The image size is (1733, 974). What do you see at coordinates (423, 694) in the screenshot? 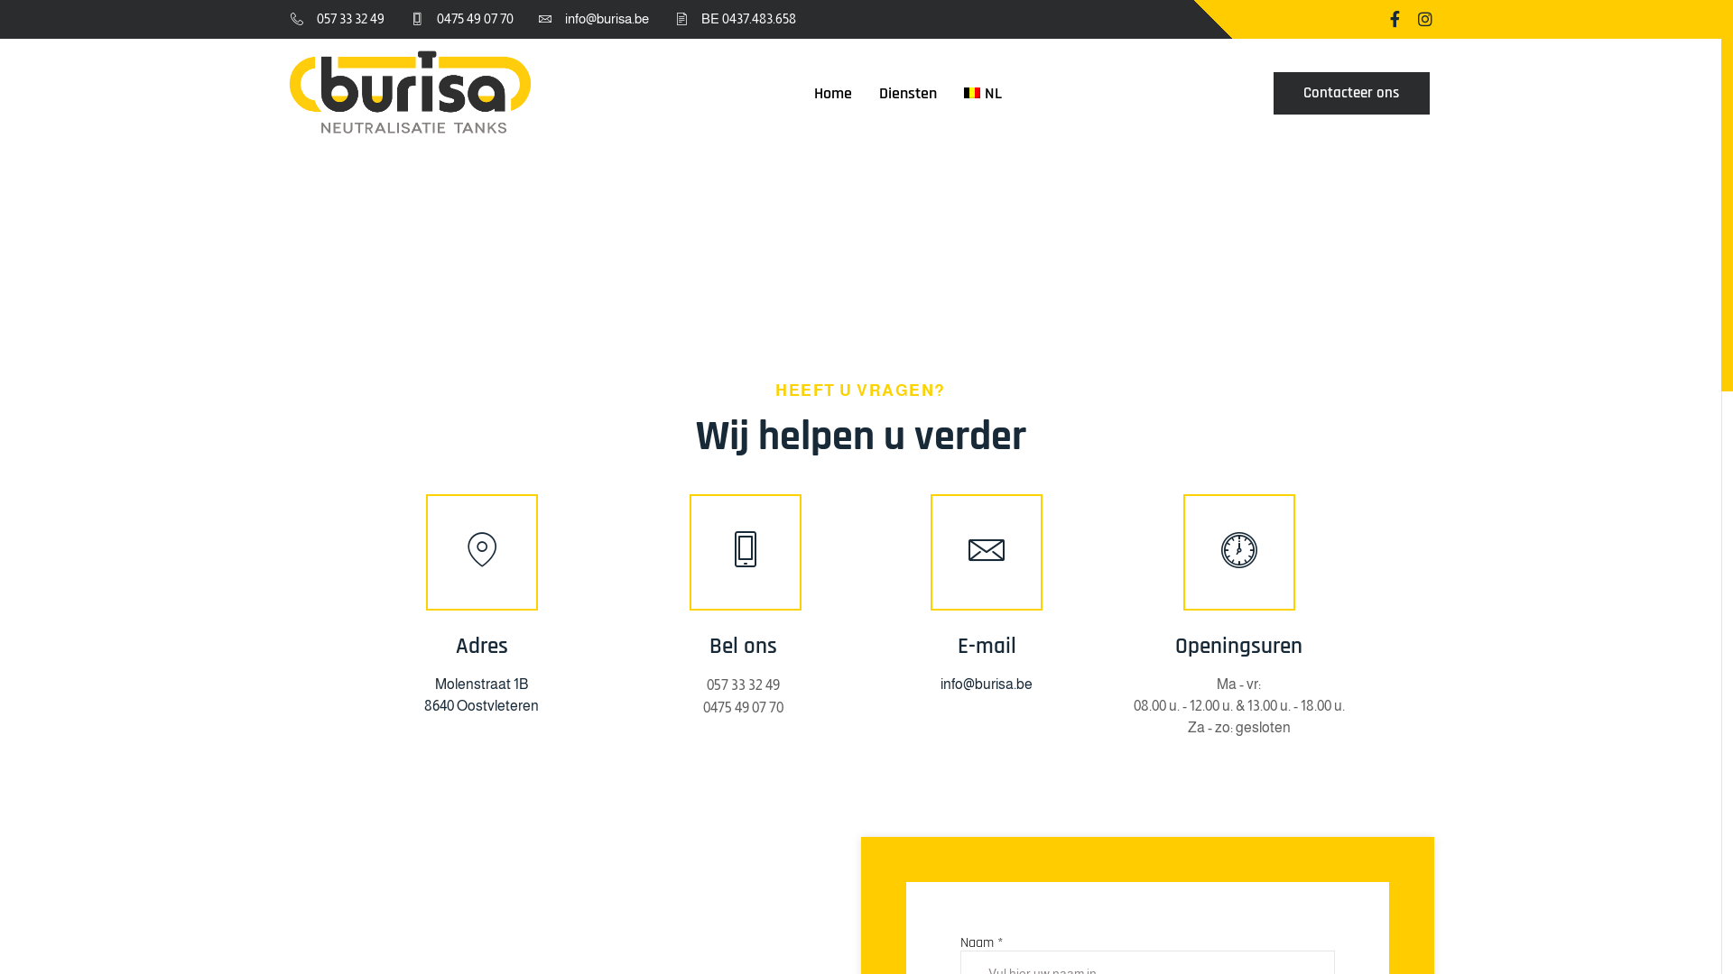
I see `'Molenstraat 1B` at bounding box center [423, 694].